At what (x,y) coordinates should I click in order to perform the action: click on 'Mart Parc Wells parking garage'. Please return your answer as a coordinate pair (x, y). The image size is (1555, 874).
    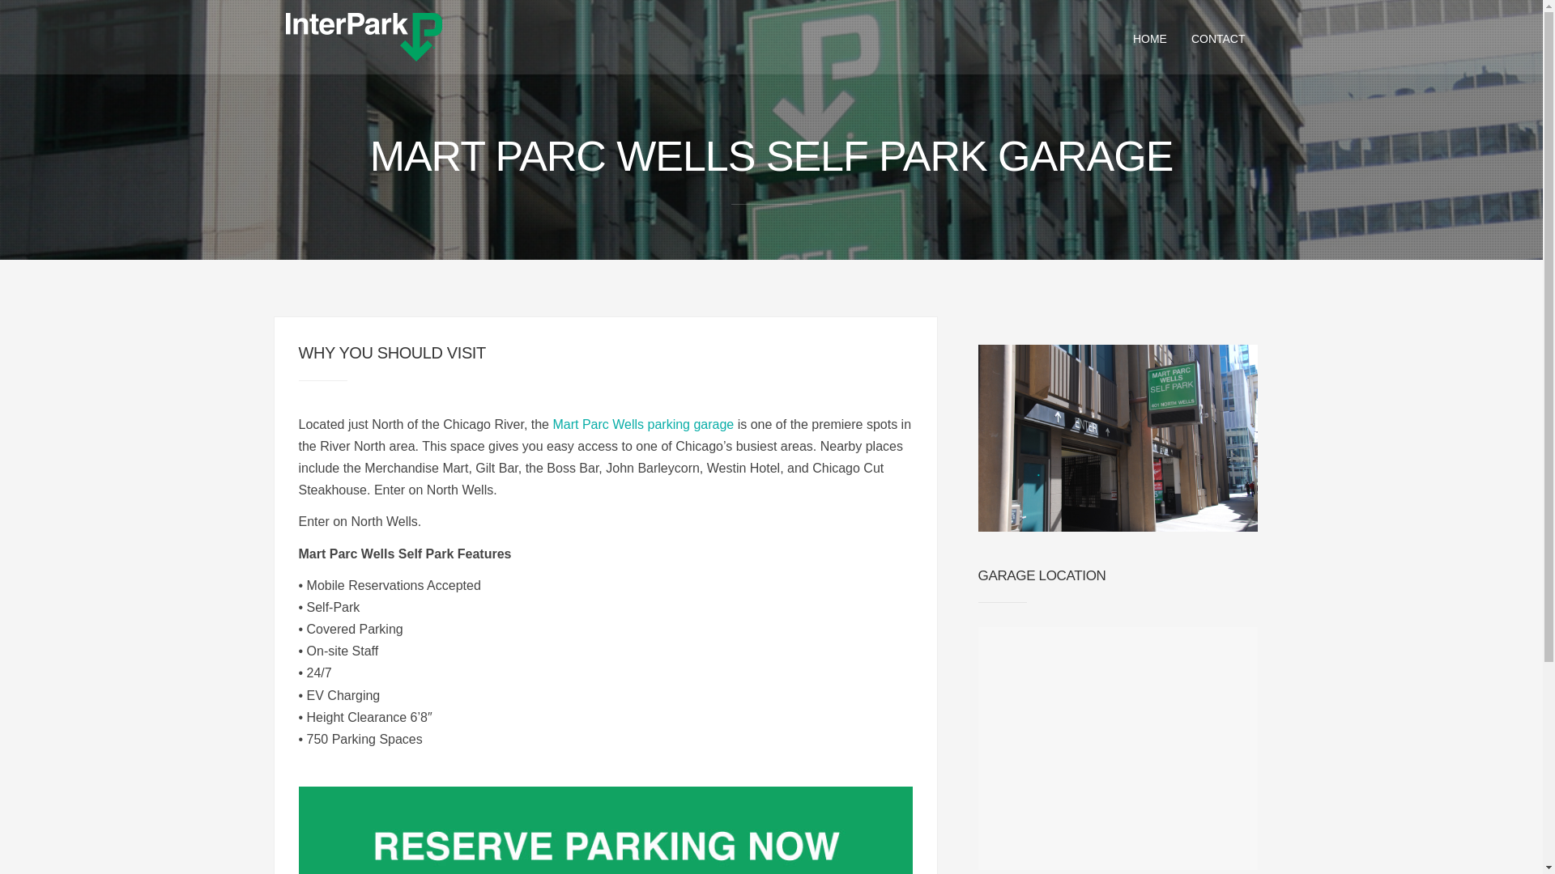
    Looking at the image, I should click on (552, 423).